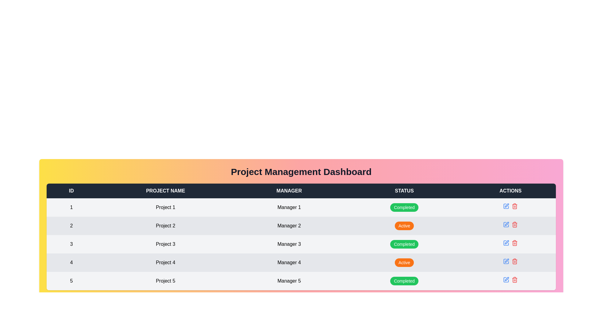 This screenshot has height=331, width=589. Describe the element at coordinates (404, 226) in the screenshot. I see `the Status indicator button in the fourth column of the second row, which designates the status as 'Active' and is aligned with 'Manager 2'` at that location.